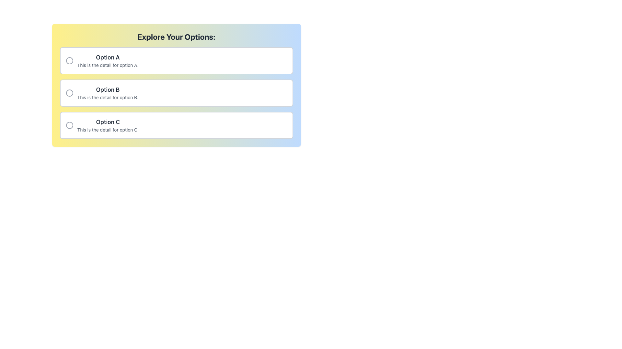 The height and width of the screenshot is (349, 622). What do you see at coordinates (108, 97) in the screenshot?
I see `the Text Label providing additional information for 'Option B', located below the title and above the horizontal divider` at bounding box center [108, 97].